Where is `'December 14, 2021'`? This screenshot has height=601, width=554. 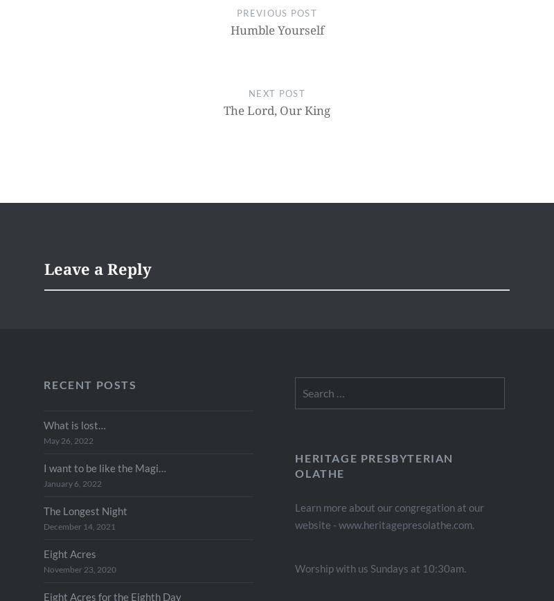 'December 14, 2021' is located at coordinates (78, 526).